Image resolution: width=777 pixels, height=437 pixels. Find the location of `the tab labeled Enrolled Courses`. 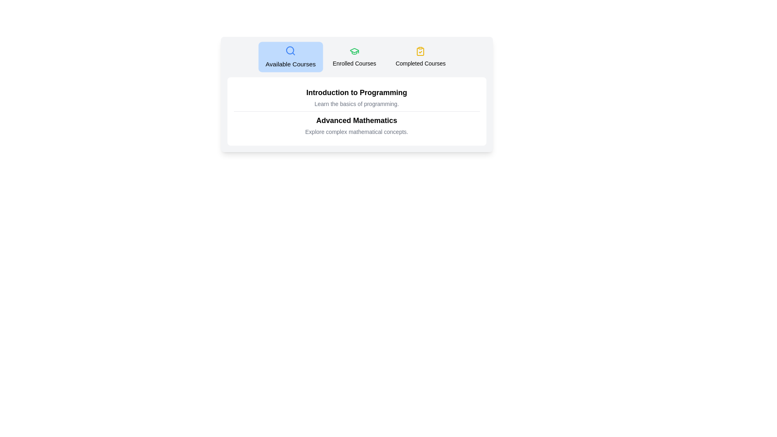

the tab labeled Enrolled Courses is located at coordinates (354, 57).